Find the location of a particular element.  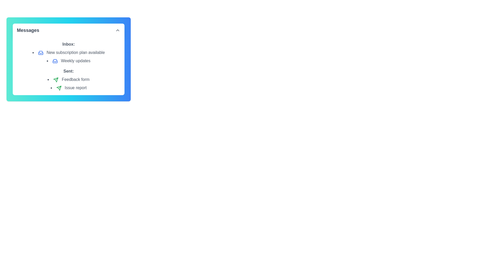

the list item labeled 'Issue report' with a green send arrow icon is located at coordinates (68, 88).